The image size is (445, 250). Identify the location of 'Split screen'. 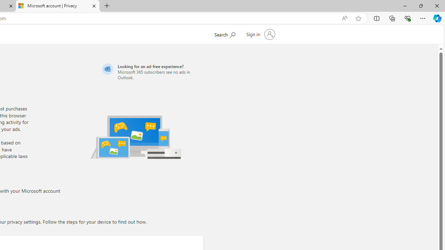
(376, 18).